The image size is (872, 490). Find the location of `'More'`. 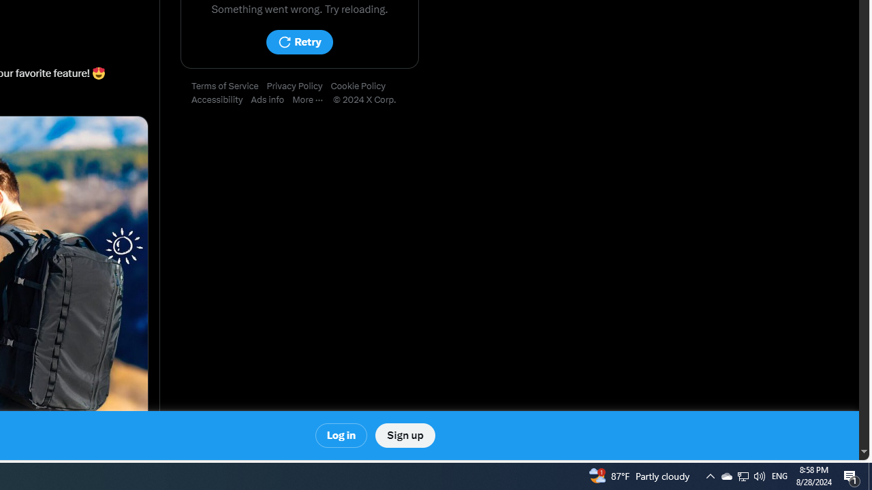

'More' is located at coordinates (311, 99).